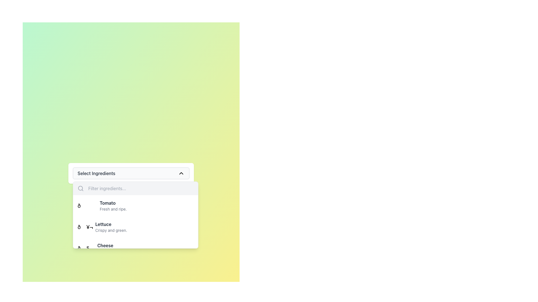 This screenshot has height=302, width=538. Describe the element at coordinates (136, 237) in the screenshot. I see `the second list item in the dropdown menu` at that location.